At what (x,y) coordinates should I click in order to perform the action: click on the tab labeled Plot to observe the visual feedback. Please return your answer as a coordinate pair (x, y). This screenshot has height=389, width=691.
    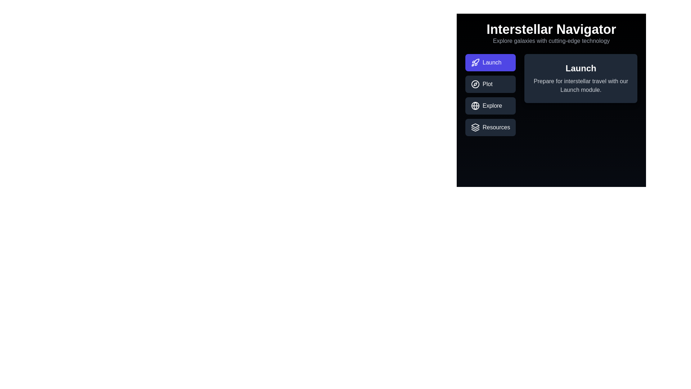
    Looking at the image, I should click on (490, 84).